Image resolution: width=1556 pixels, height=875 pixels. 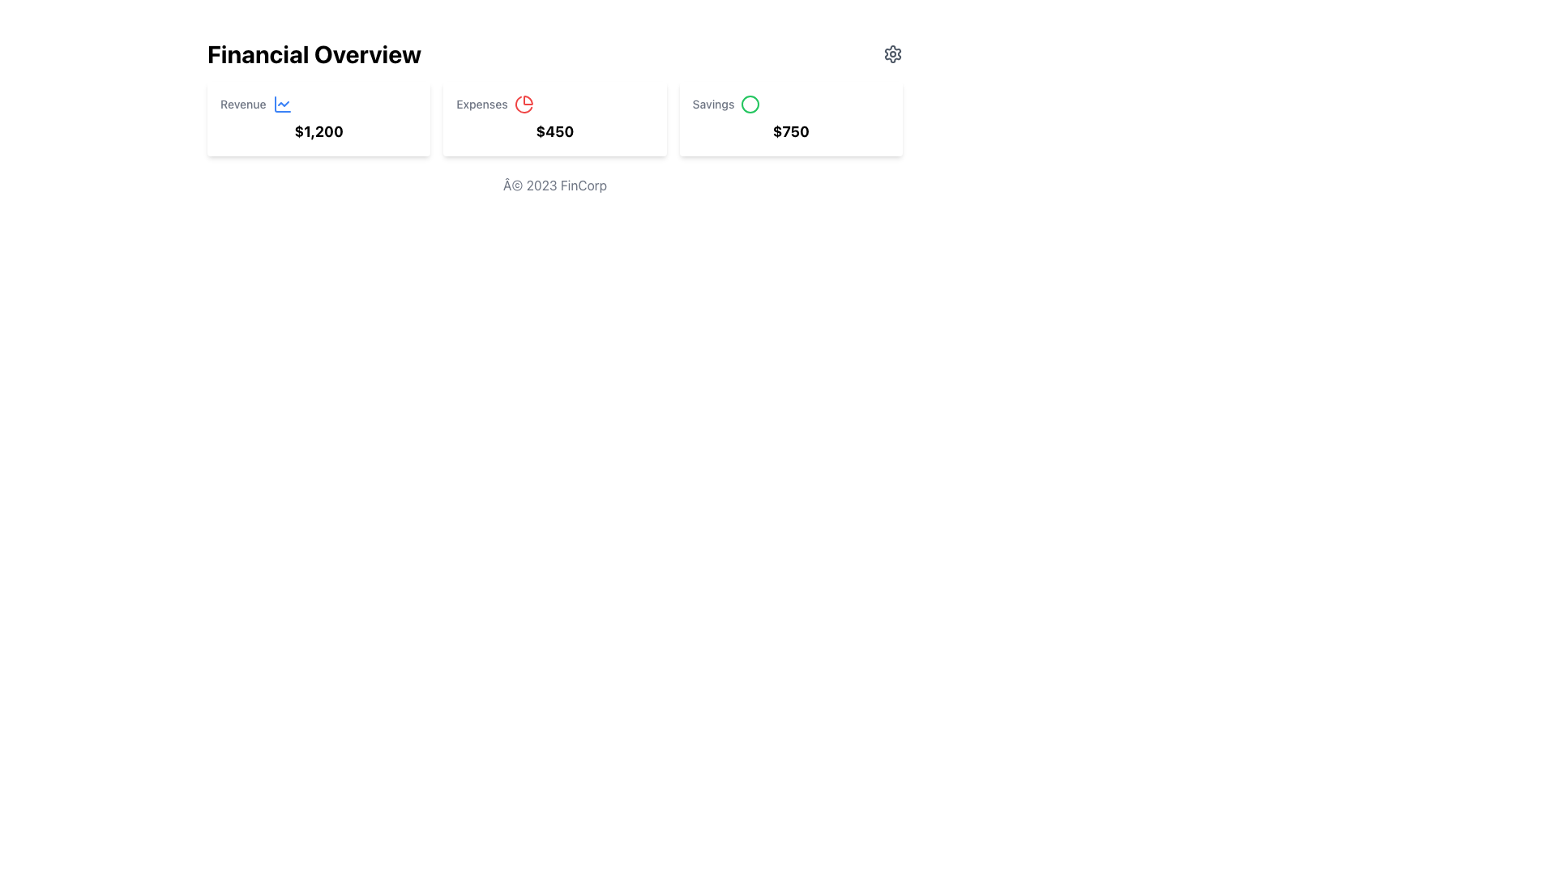 What do you see at coordinates (318, 130) in the screenshot?
I see `the text label displaying the total revenue amount located in the center of the first white card under the 'Financial Overview' section` at bounding box center [318, 130].